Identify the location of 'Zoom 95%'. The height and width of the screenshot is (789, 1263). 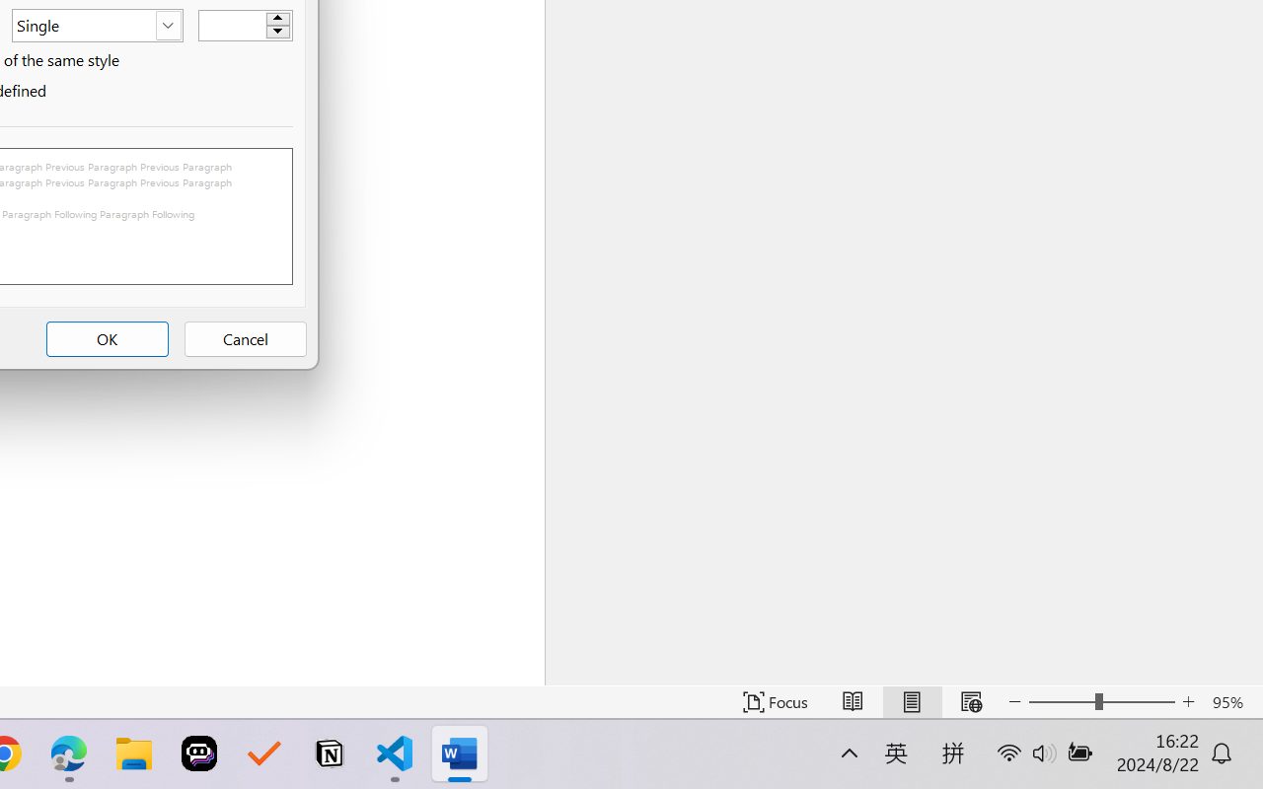
(1231, 701).